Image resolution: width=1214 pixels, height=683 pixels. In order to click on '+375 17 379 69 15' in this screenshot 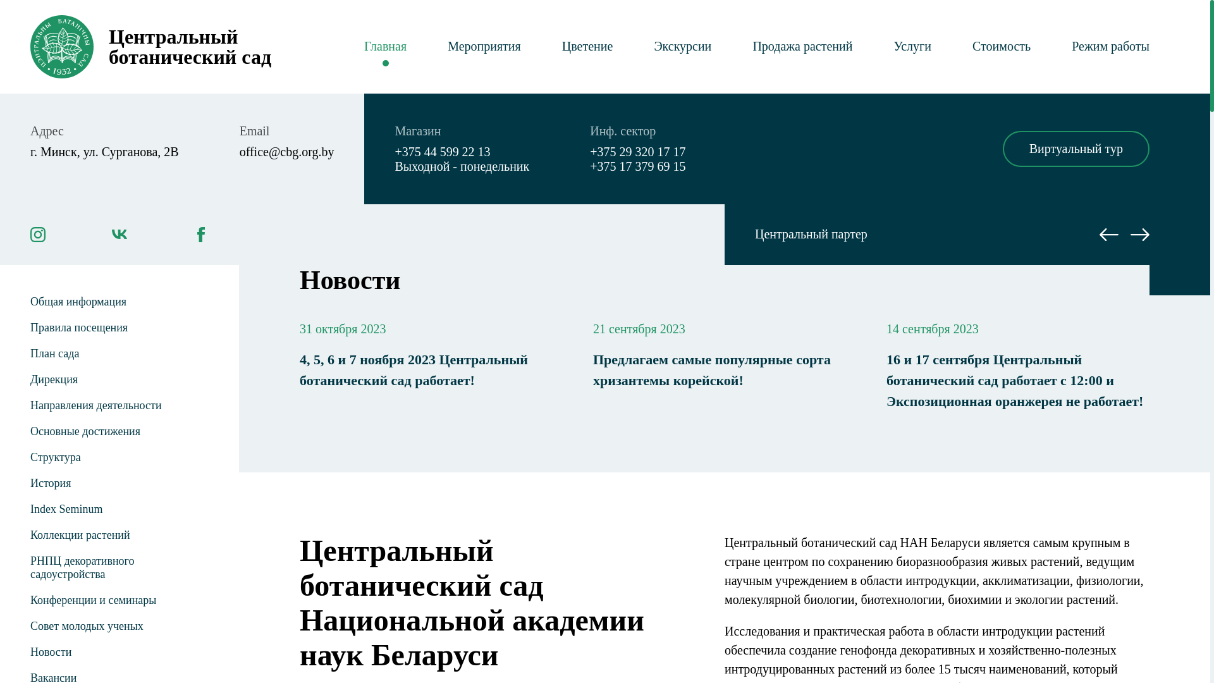, I will do `click(637, 166)`.